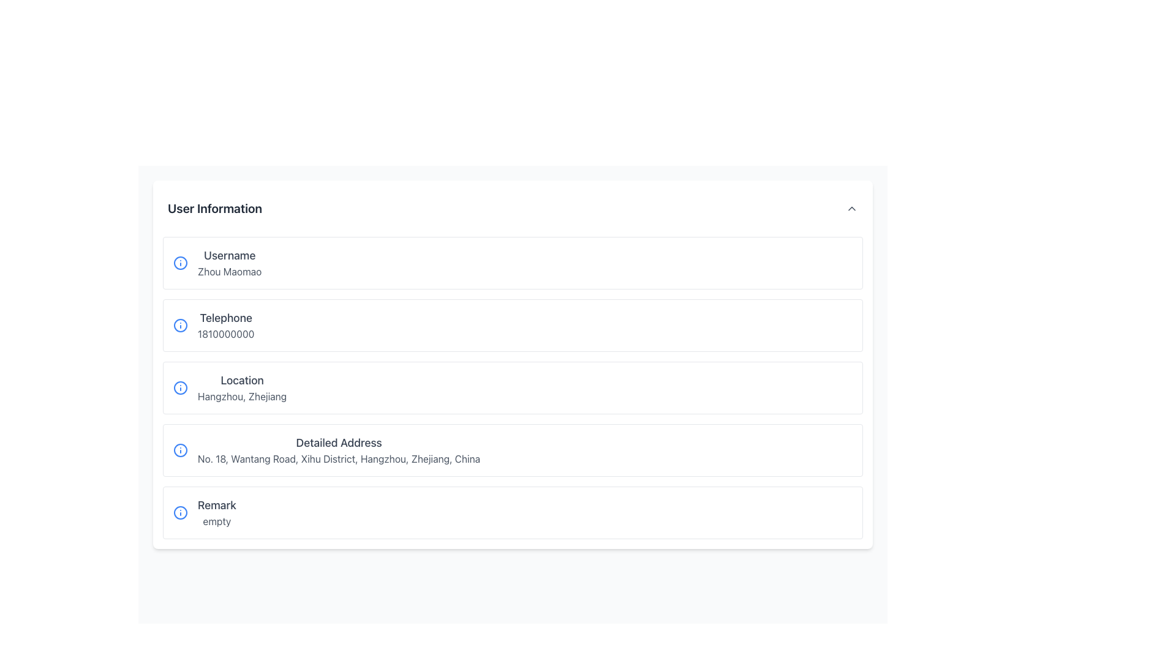  I want to click on the blue circular icon with a thin outline and white center located next to the 'Detailed Address' label in the user information section, so click(179, 450).